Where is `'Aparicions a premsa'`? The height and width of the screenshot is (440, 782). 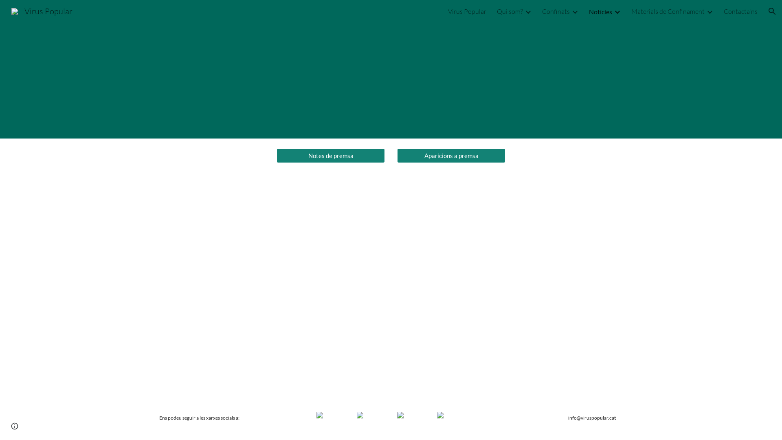
'Aparicions a premsa' is located at coordinates (451, 155).